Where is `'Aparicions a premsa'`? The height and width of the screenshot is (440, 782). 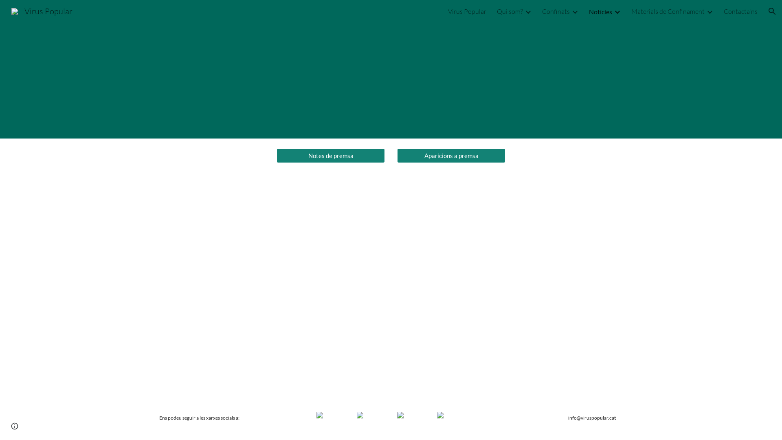
'Aparicions a premsa' is located at coordinates (451, 155).